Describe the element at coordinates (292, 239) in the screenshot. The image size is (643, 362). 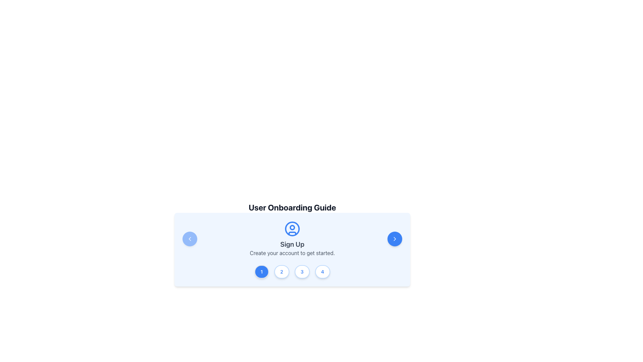
I see `text from the Header Section, which is centrally located in the onboarding process introduction, encouraging users to sign up and navigate forward or backward` at that location.